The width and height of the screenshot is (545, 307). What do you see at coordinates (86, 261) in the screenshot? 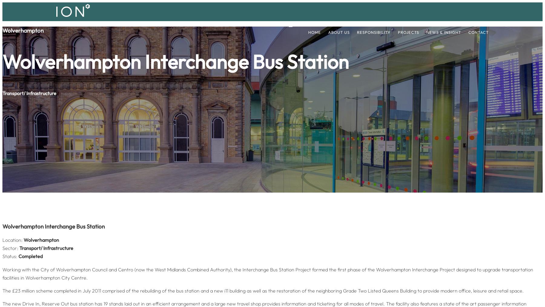
I see `'info@iondevelopments.co.uk'` at bounding box center [86, 261].